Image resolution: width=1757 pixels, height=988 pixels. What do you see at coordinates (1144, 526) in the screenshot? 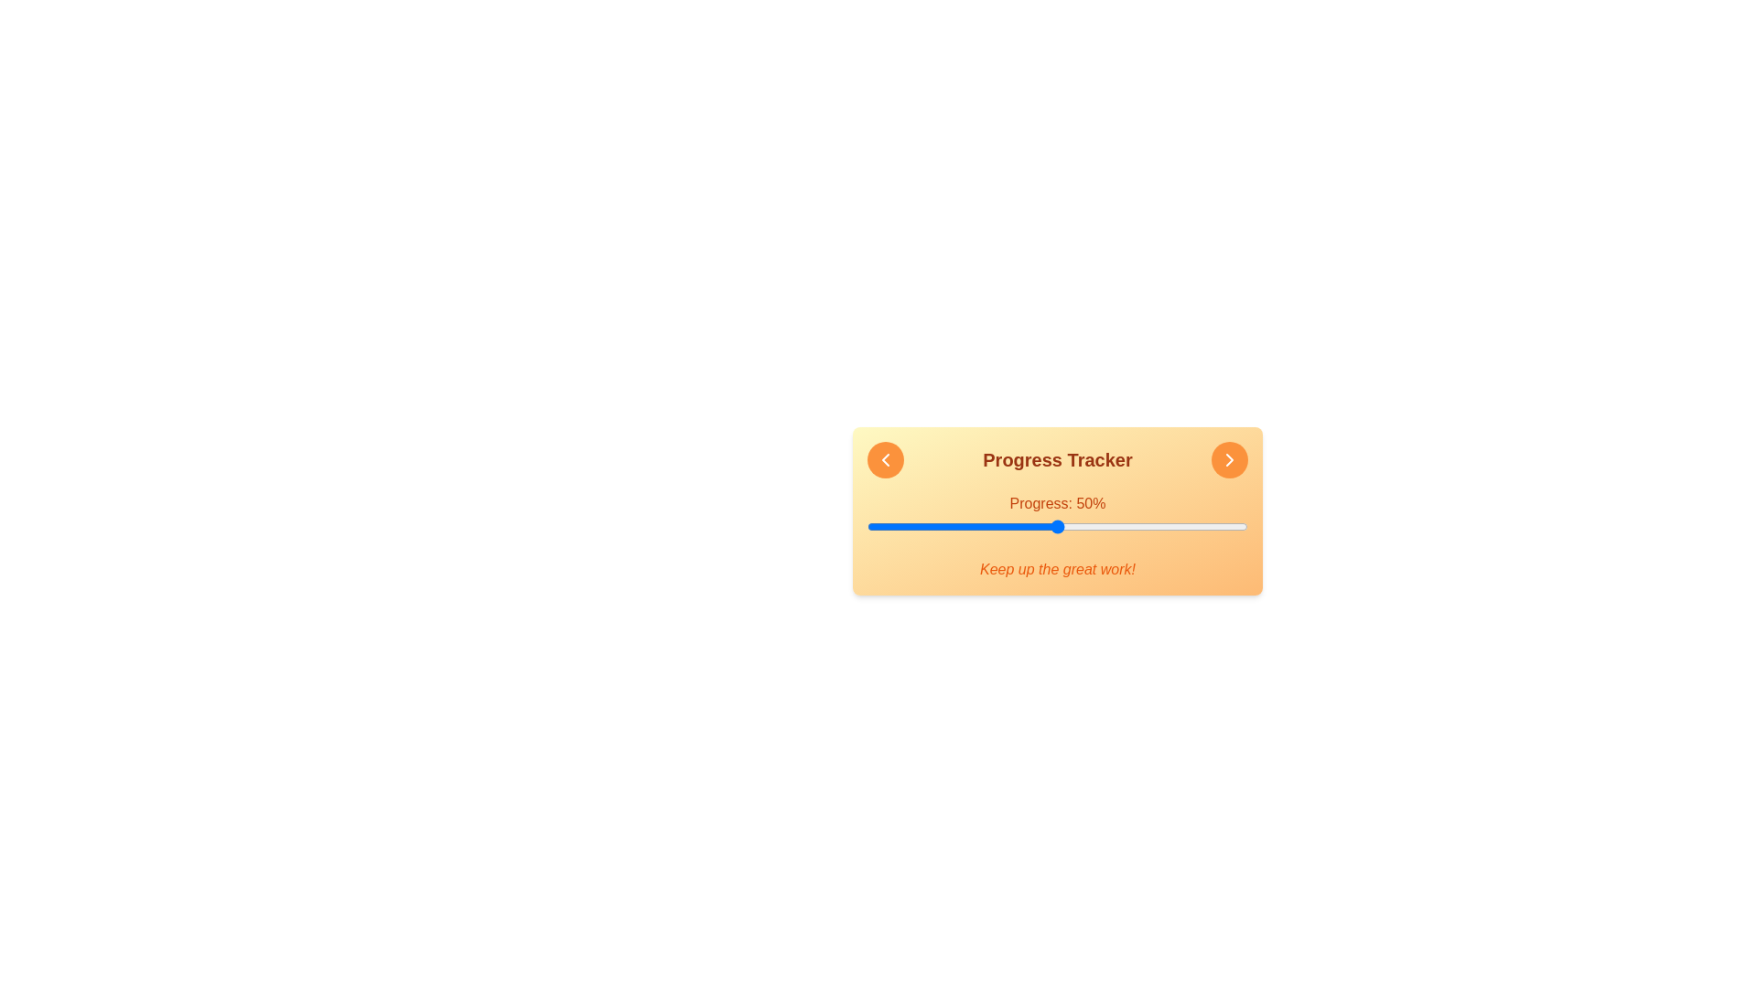
I see `the slider to set the progress to 73%` at bounding box center [1144, 526].